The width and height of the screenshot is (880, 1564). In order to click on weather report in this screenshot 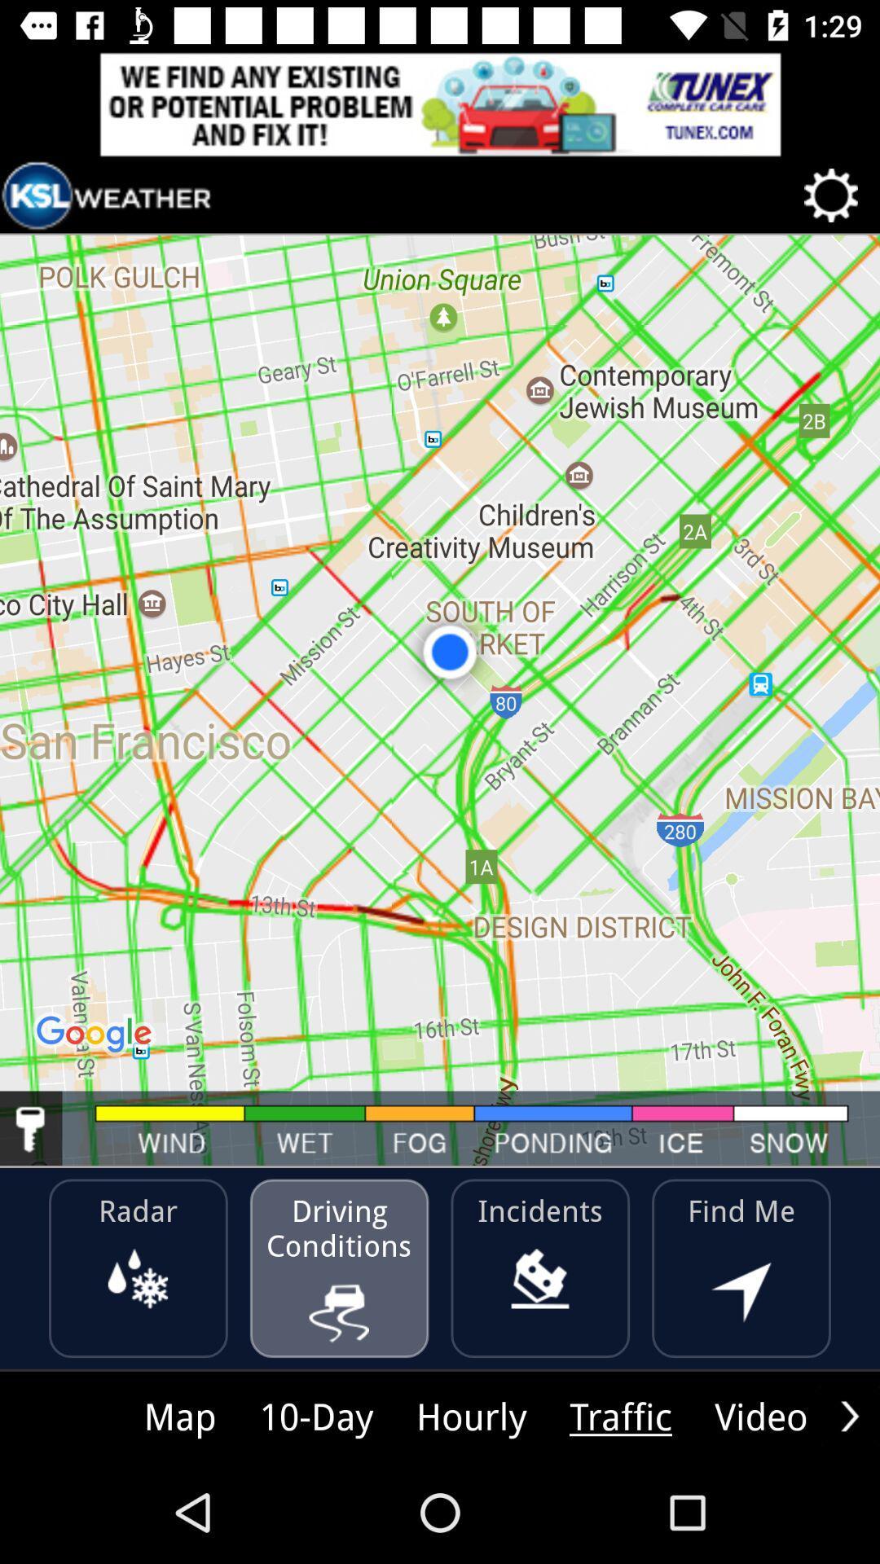, I will do `click(107, 195)`.